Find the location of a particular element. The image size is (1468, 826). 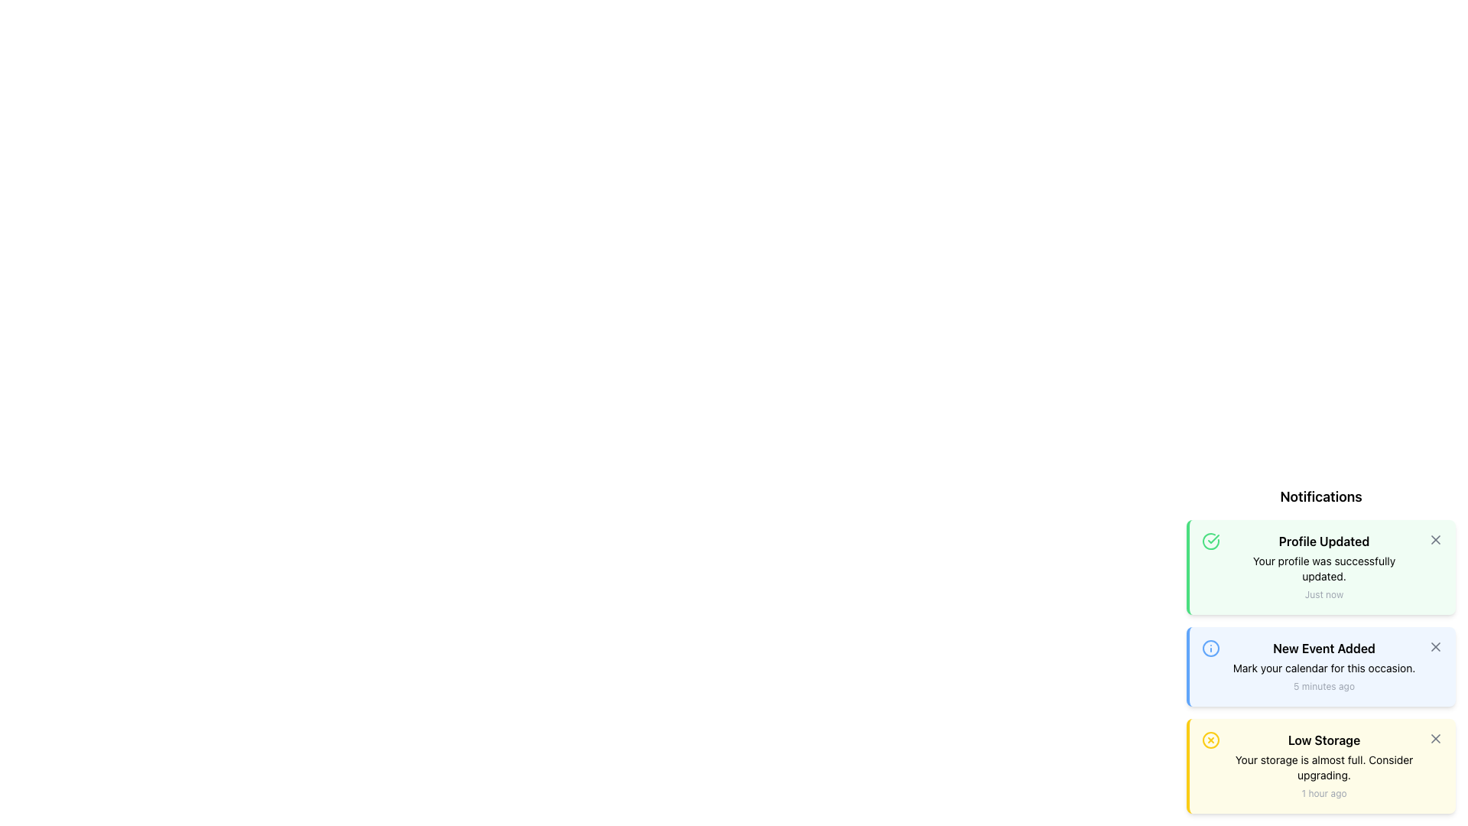

the circular outline of the SVG graphic within the blue notification card titled 'New Event Added.' is located at coordinates (1210, 649).